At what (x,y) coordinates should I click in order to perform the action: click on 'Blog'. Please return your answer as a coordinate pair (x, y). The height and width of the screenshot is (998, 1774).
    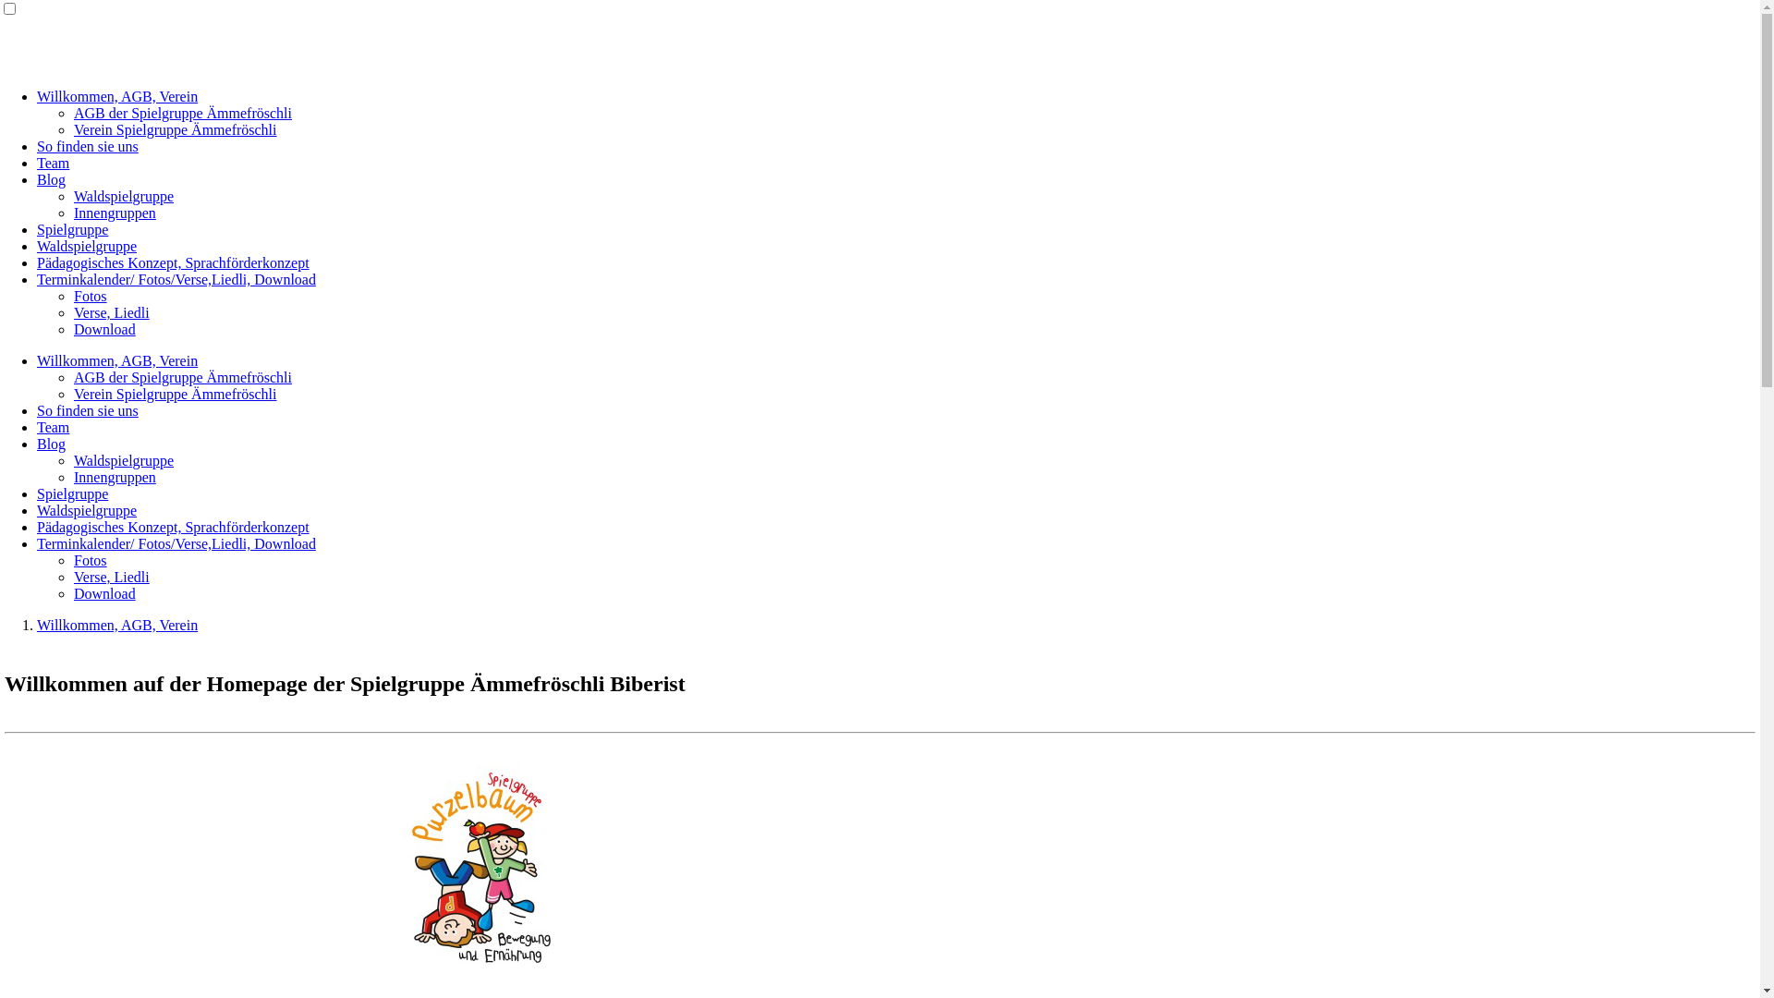
    Looking at the image, I should click on (51, 444).